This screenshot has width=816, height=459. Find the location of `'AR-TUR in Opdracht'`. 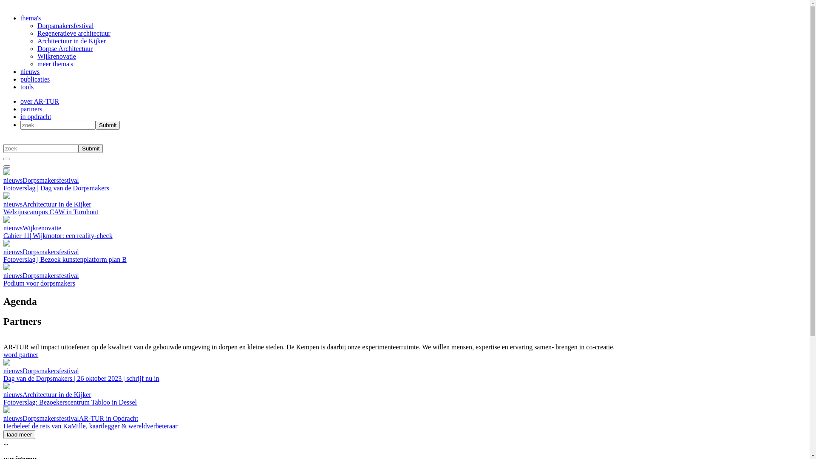

'AR-TUR in Opdracht' is located at coordinates (108, 418).